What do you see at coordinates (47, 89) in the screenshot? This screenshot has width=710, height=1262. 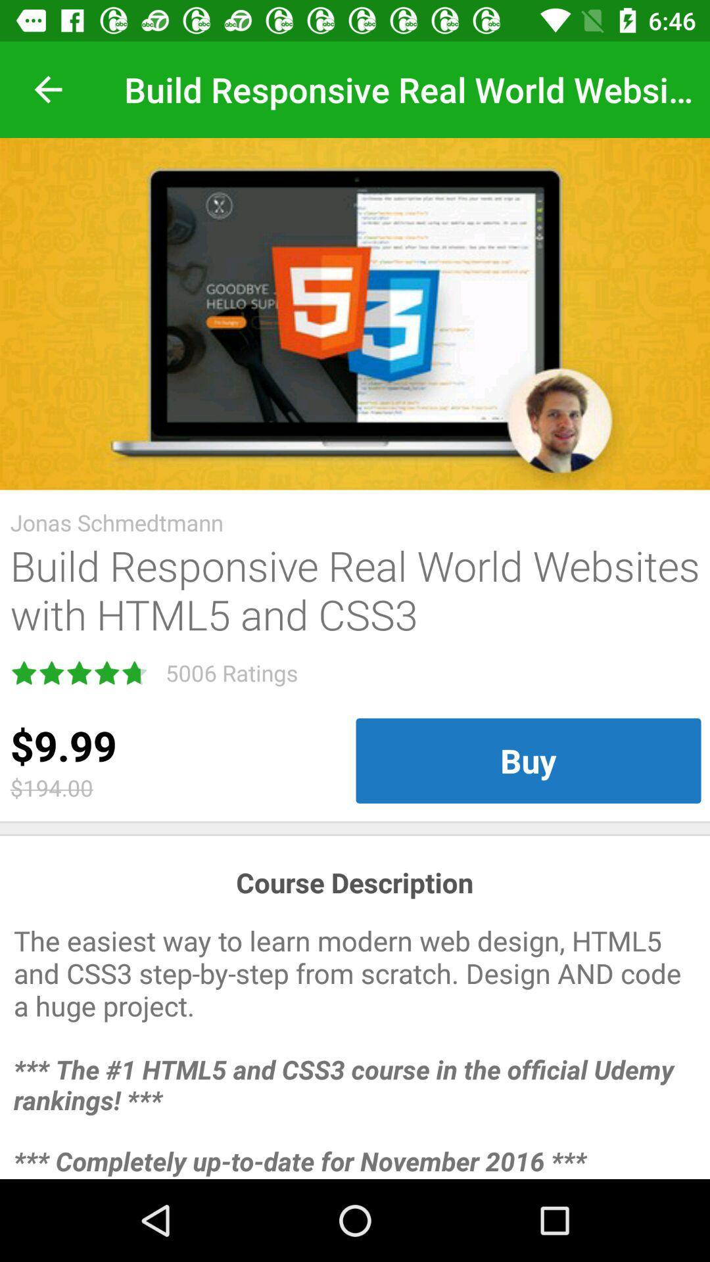 I see `the icon to the left of the build responsive real item` at bounding box center [47, 89].